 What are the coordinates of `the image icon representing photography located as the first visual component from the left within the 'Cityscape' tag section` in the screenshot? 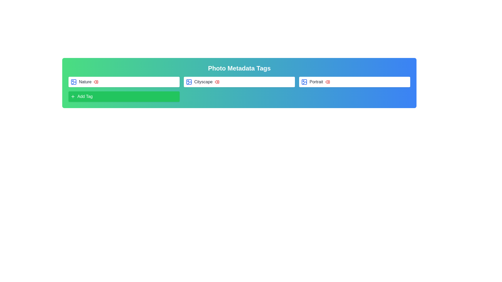 It's located at (189, 82).